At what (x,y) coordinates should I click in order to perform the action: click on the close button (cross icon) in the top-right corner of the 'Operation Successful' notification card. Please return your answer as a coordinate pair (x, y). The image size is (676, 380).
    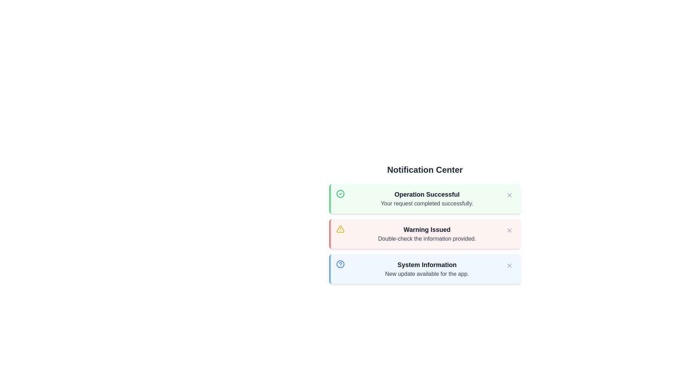
    Looking at the image, I should click on (509, 195).